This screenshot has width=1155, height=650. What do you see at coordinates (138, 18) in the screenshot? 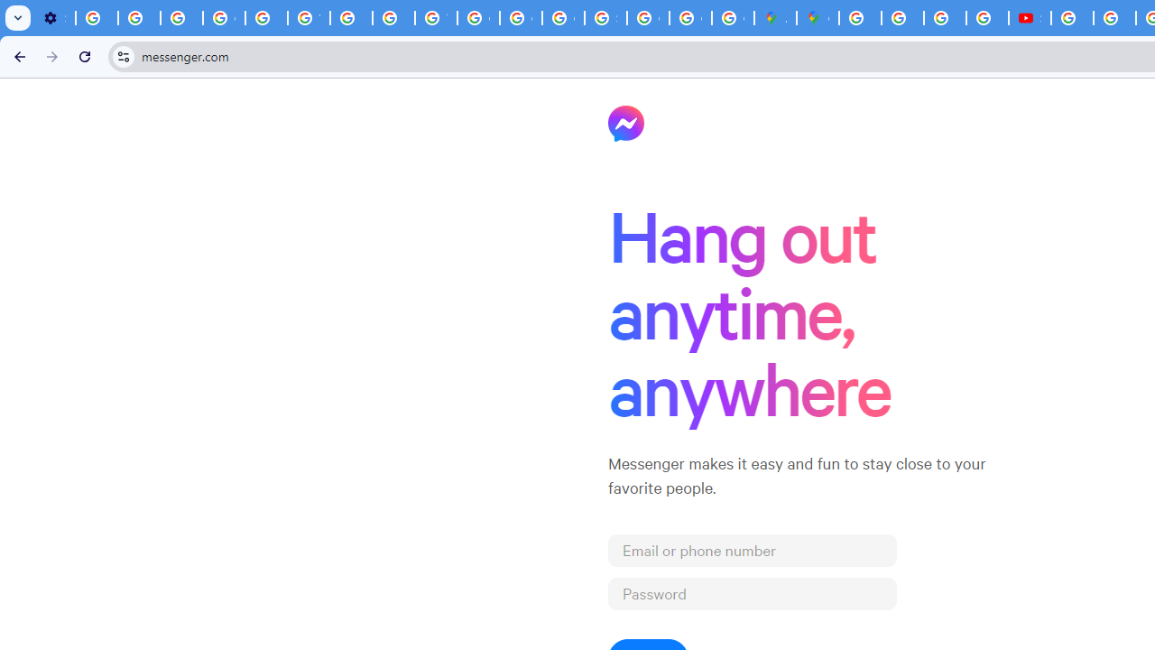
I see `'Learn how to find your photos - Google Photos Help'` at bounding box center [138, 18].